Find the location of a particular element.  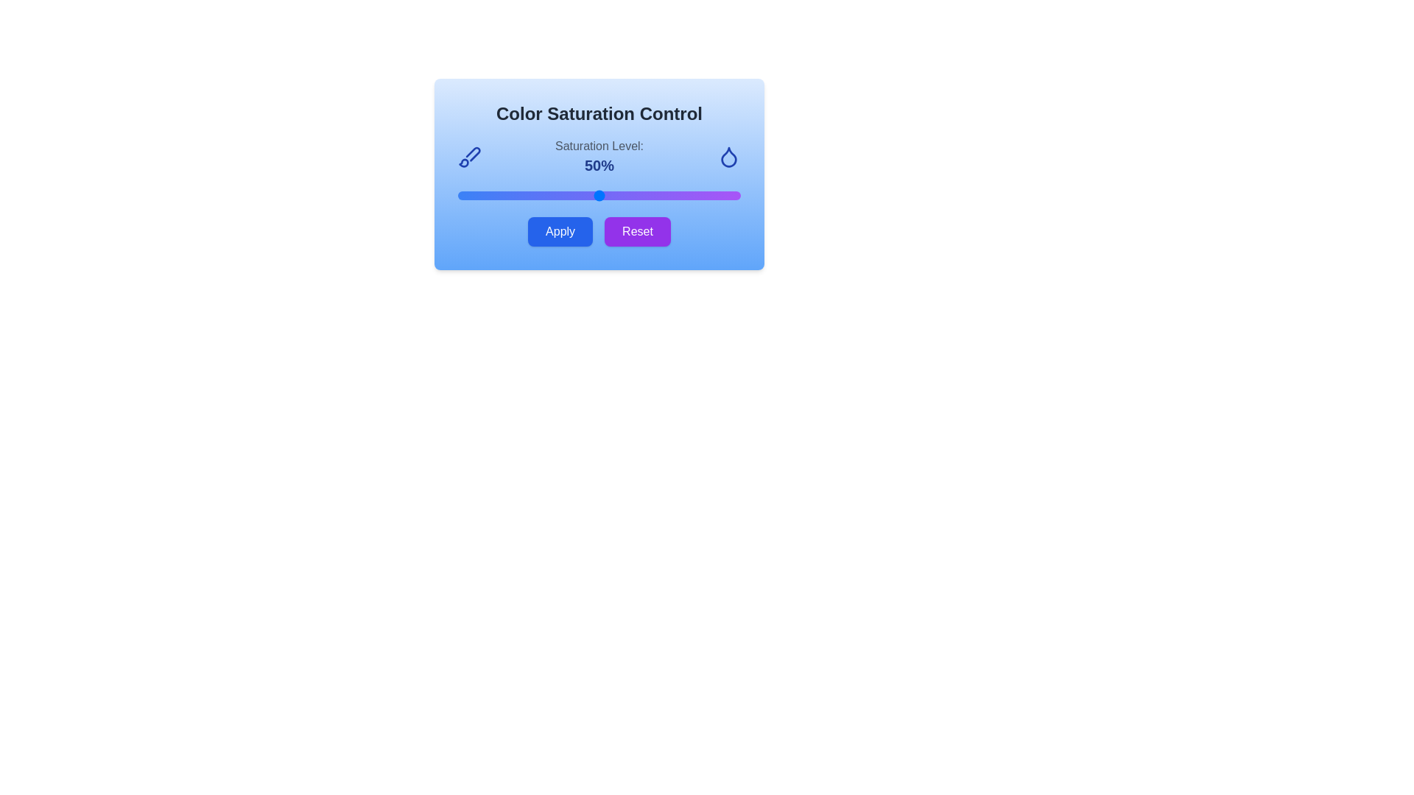

the droplet icon surrounding the saturation display is located at coordinates (728, 156).